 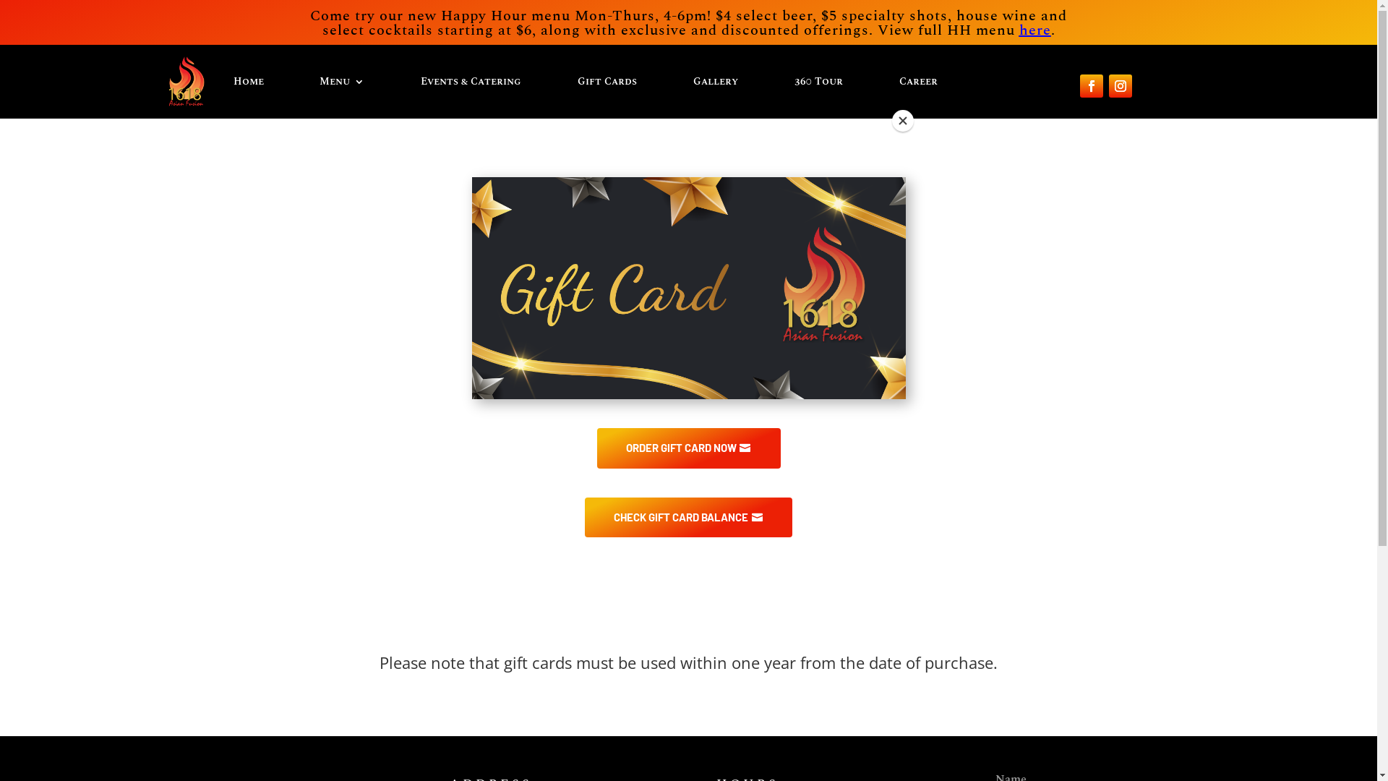 What do you see at coordinates (1034, 30) in the screenshot?
I see `'here'` at bounding box center [1034, 30].